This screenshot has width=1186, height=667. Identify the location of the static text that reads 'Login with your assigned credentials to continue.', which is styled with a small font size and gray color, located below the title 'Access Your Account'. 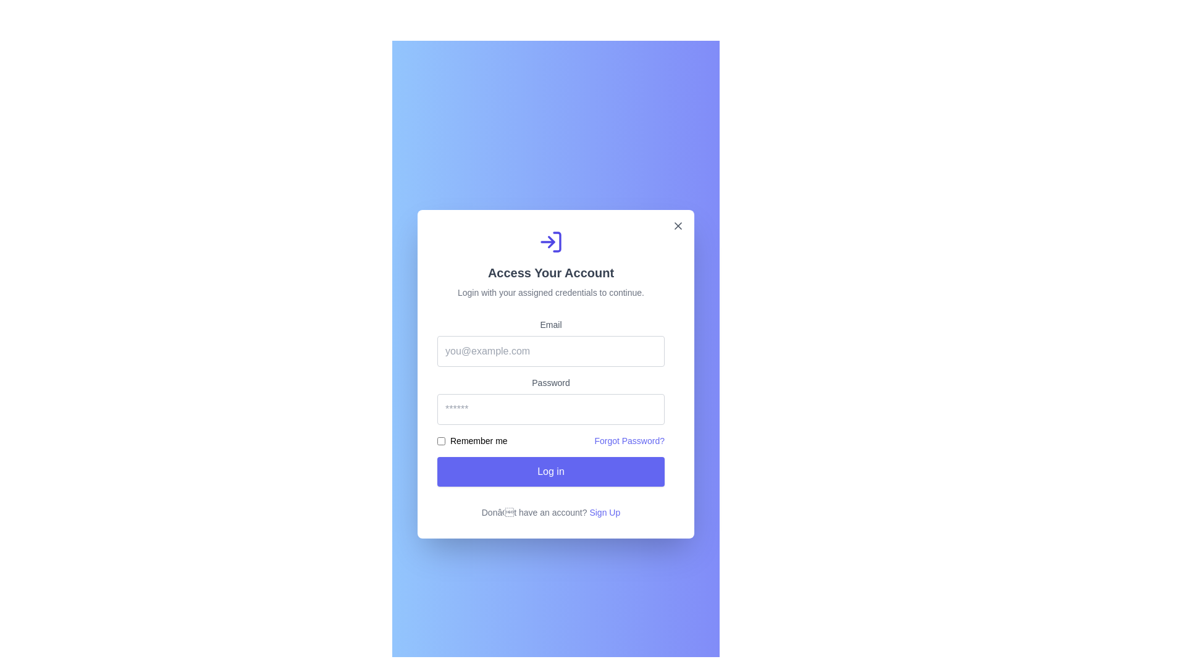
(550, 293).